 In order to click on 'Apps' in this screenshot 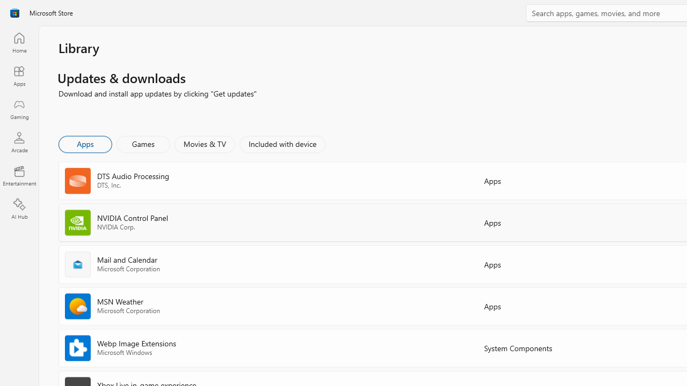, I will do `click(84, 143)`.